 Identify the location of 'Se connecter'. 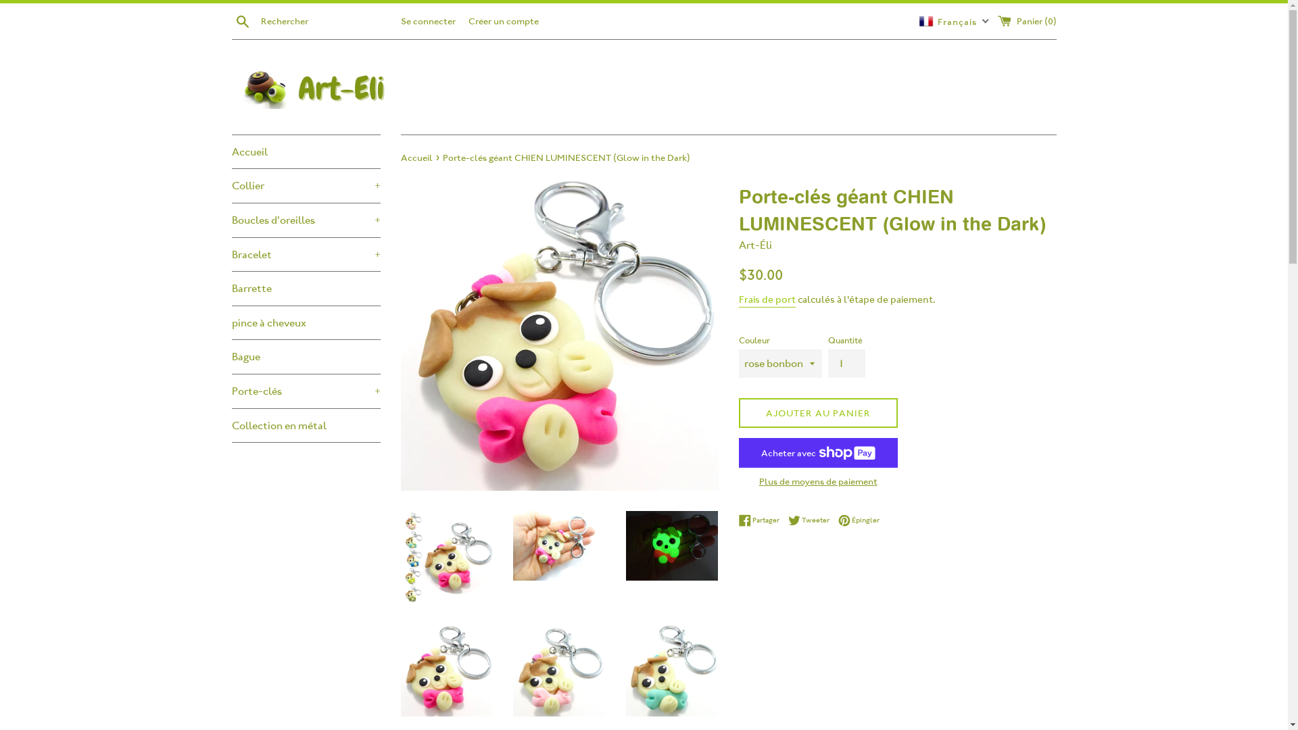
(427, 20).